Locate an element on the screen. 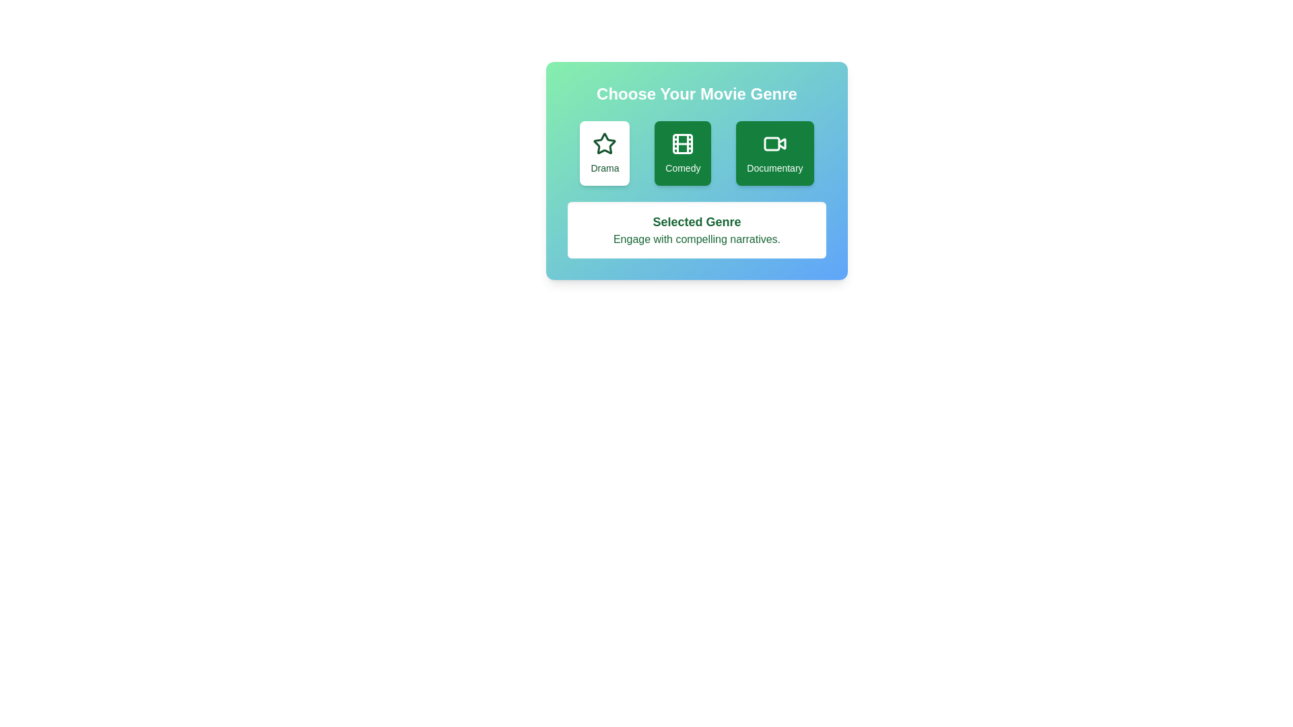 This screenshot has height=727, width=1293. the genre button for Comedy is located at coordinates (682, 152).